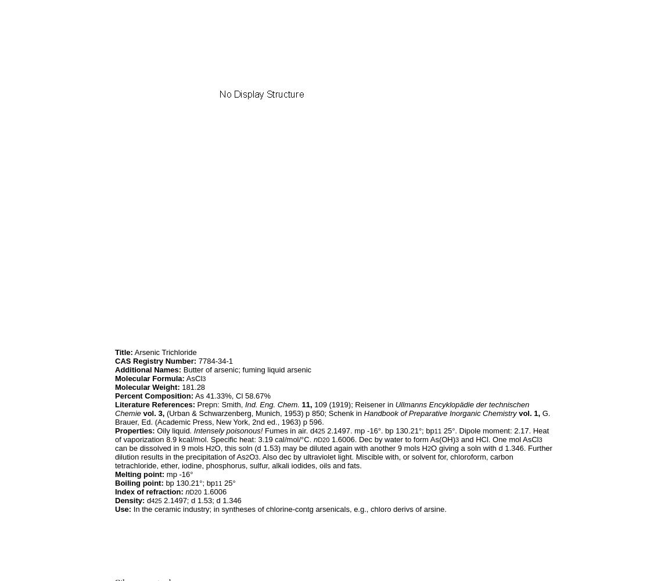 The width and height of the screenshot is (668, 581). Describe the element at coordinates (192, 387) in the screenshot. I see `'181.28'` at that location.